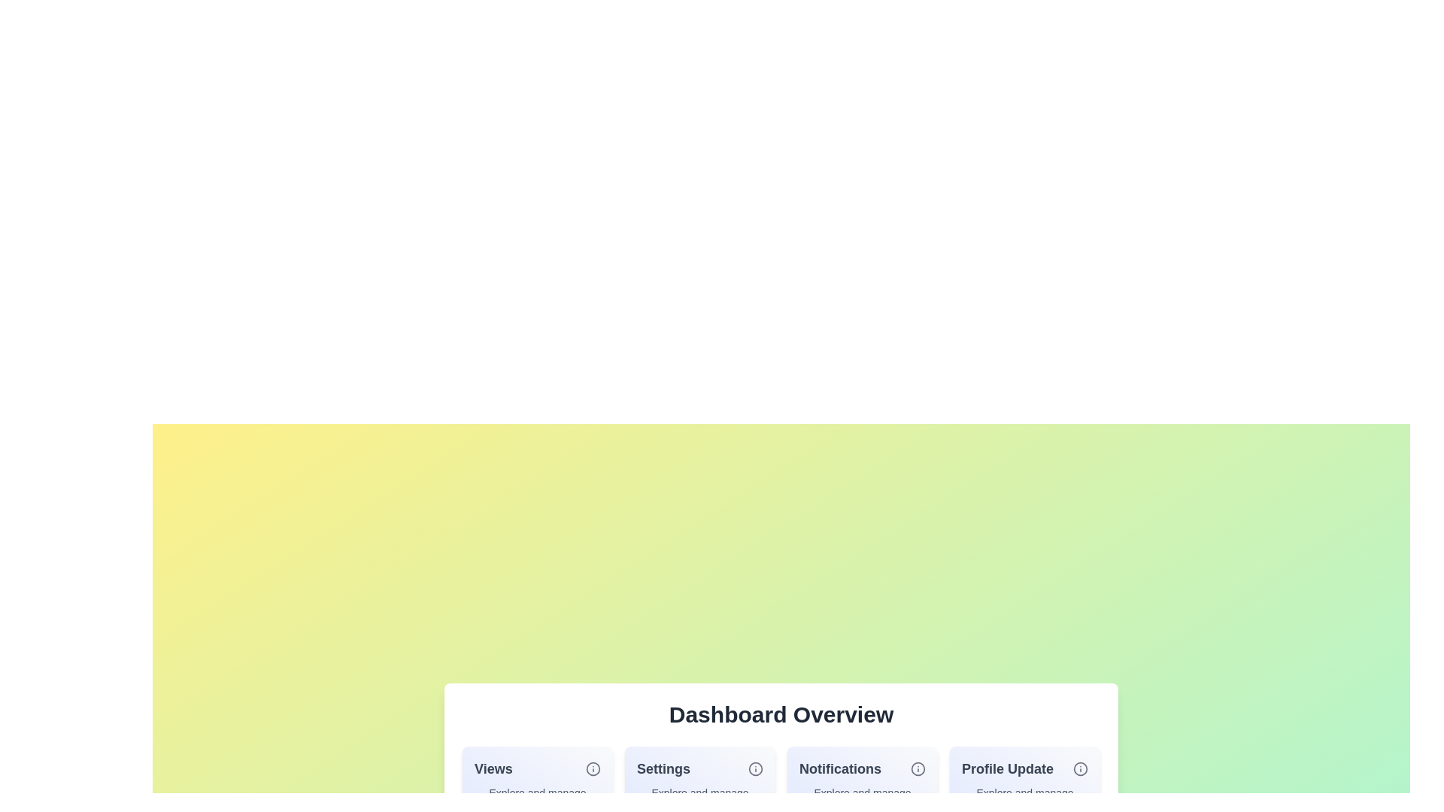 The width and height of the screenshot is (1444, 812). What do you see at coordinates (917, 768) in the screenshot?
I see `the central circular part of the notifications icon` at bounding box center [917, 768].